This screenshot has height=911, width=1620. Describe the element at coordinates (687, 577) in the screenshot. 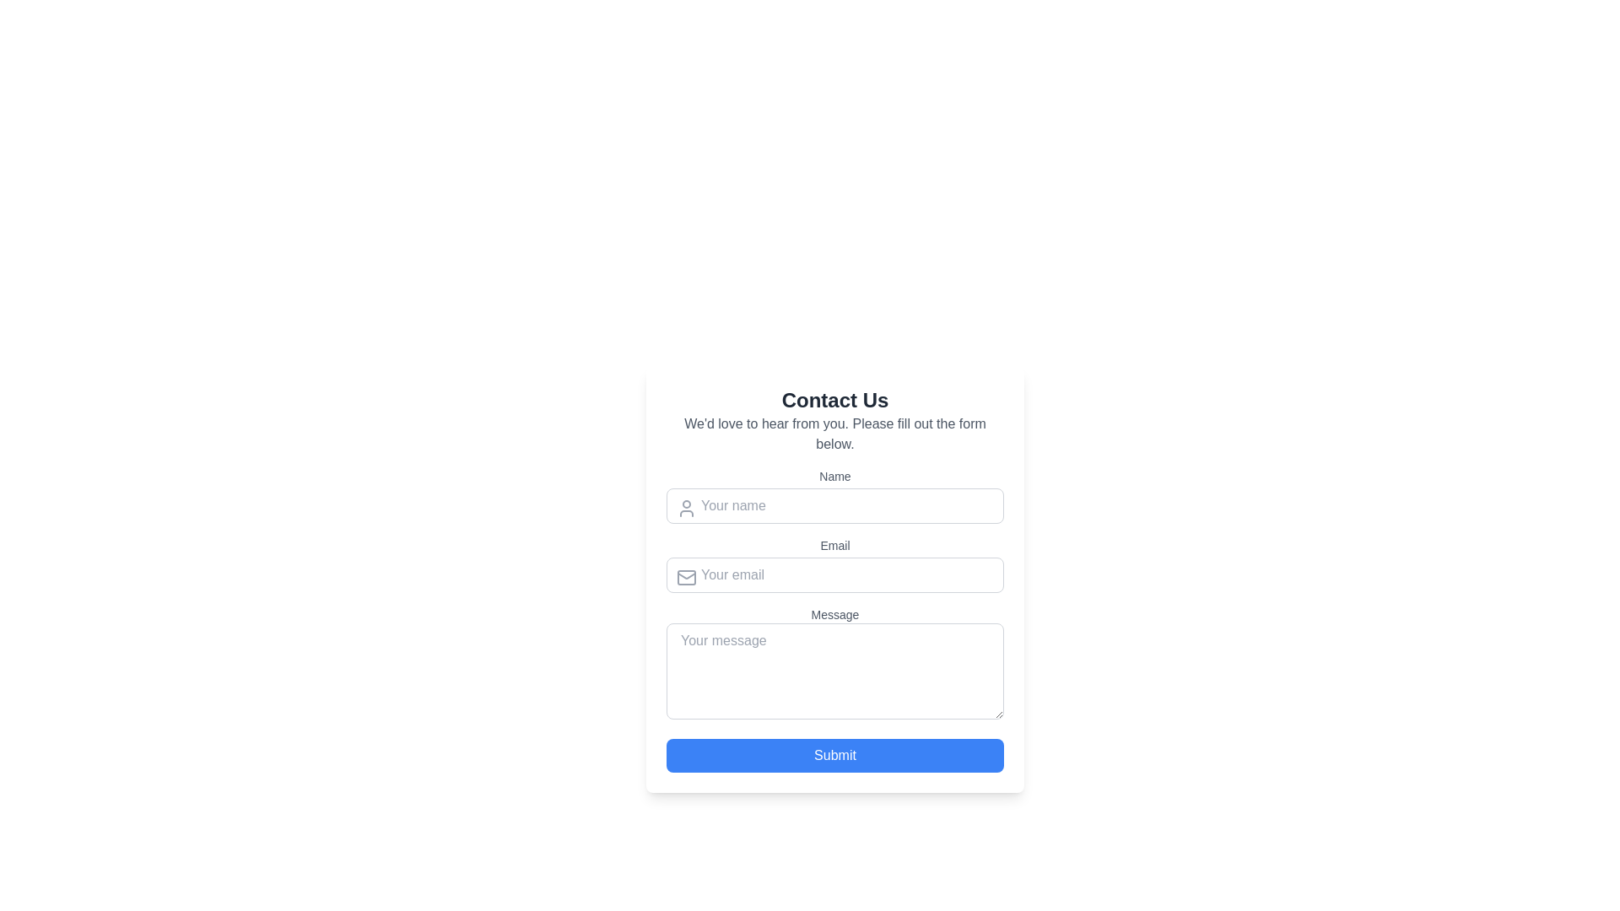

I see `the small gray envelope icon located to the left of the 'Your email' input field in the Email section` at that location.